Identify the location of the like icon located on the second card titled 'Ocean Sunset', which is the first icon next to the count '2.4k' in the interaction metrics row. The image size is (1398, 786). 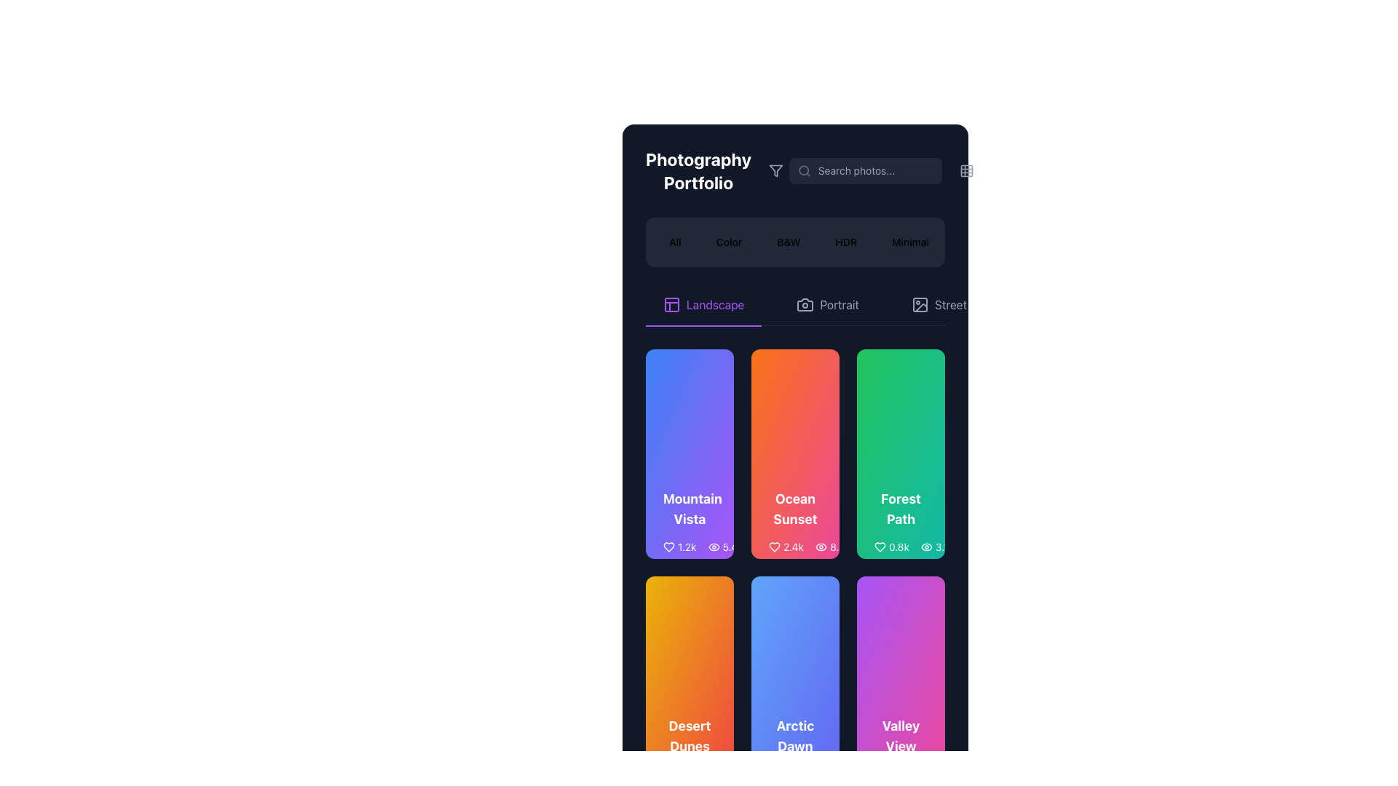
(774, 547).